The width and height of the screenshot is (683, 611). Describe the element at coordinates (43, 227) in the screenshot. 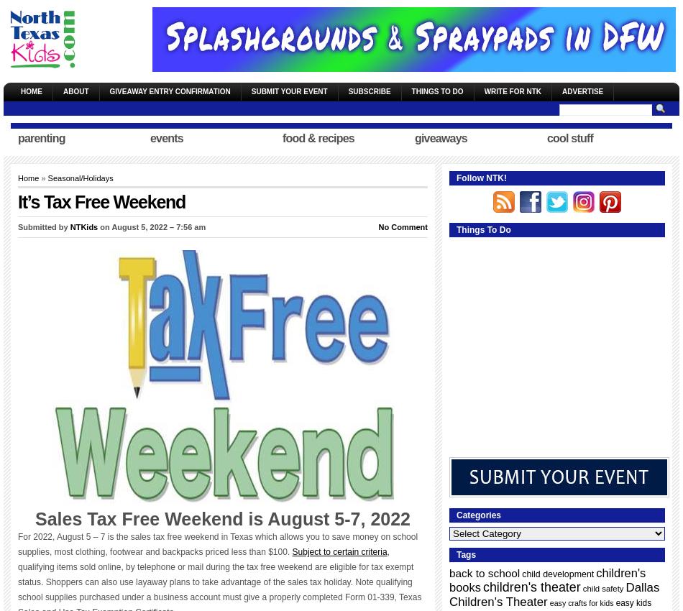

I see `'Submitted by'` at that location.